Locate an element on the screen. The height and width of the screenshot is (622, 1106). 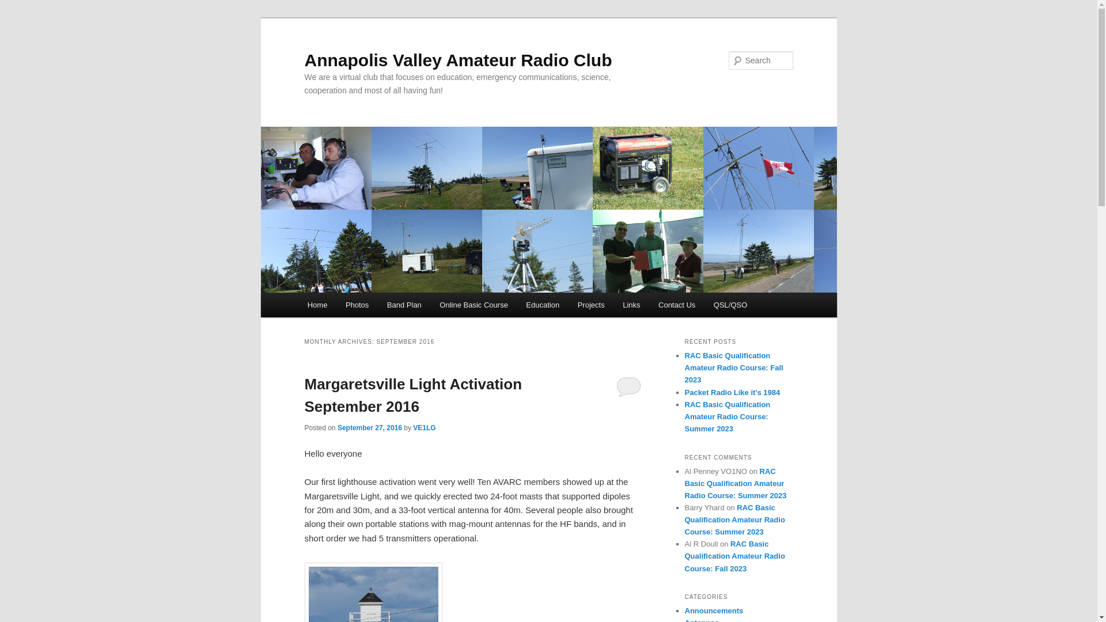
'September 27, 2016' is located at coordinates (370, 428).